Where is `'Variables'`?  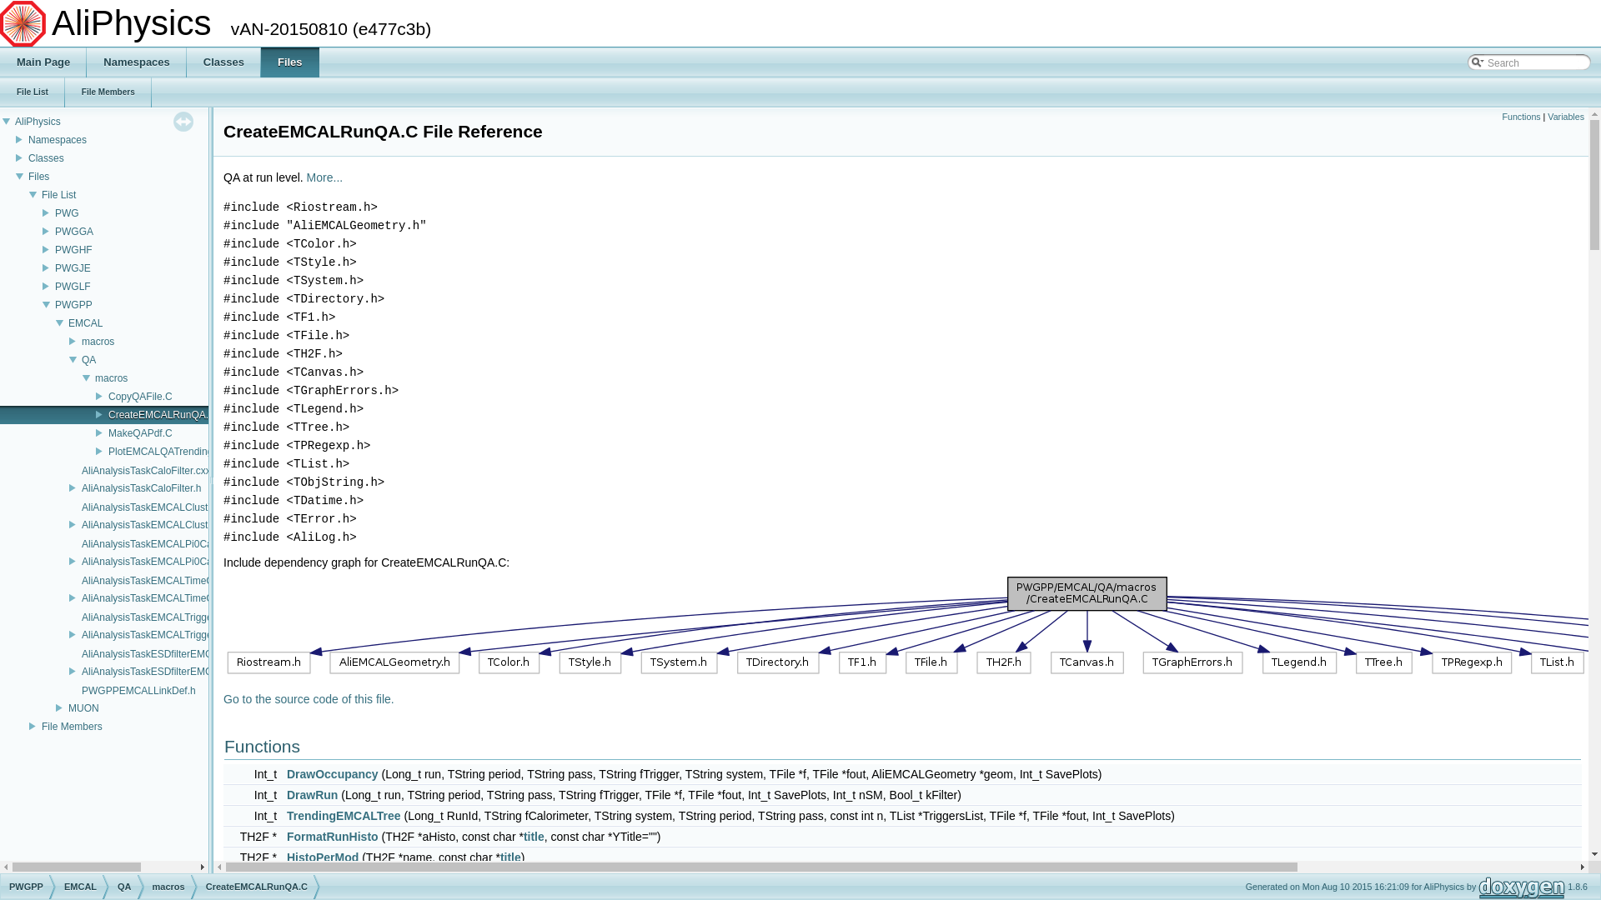
'Variables' is located at coordinates (1547, 115).